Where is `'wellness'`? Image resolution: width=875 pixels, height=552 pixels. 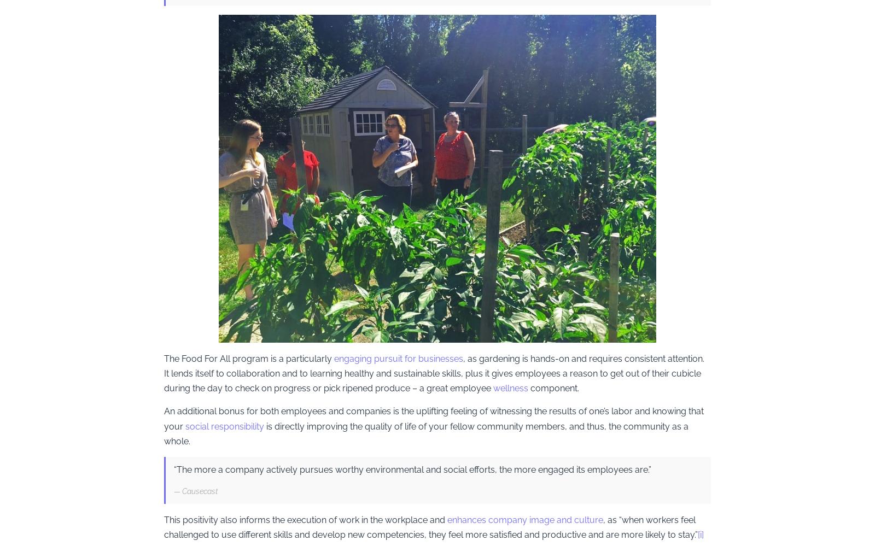
'wellness' is located at coordinates (510, 387).